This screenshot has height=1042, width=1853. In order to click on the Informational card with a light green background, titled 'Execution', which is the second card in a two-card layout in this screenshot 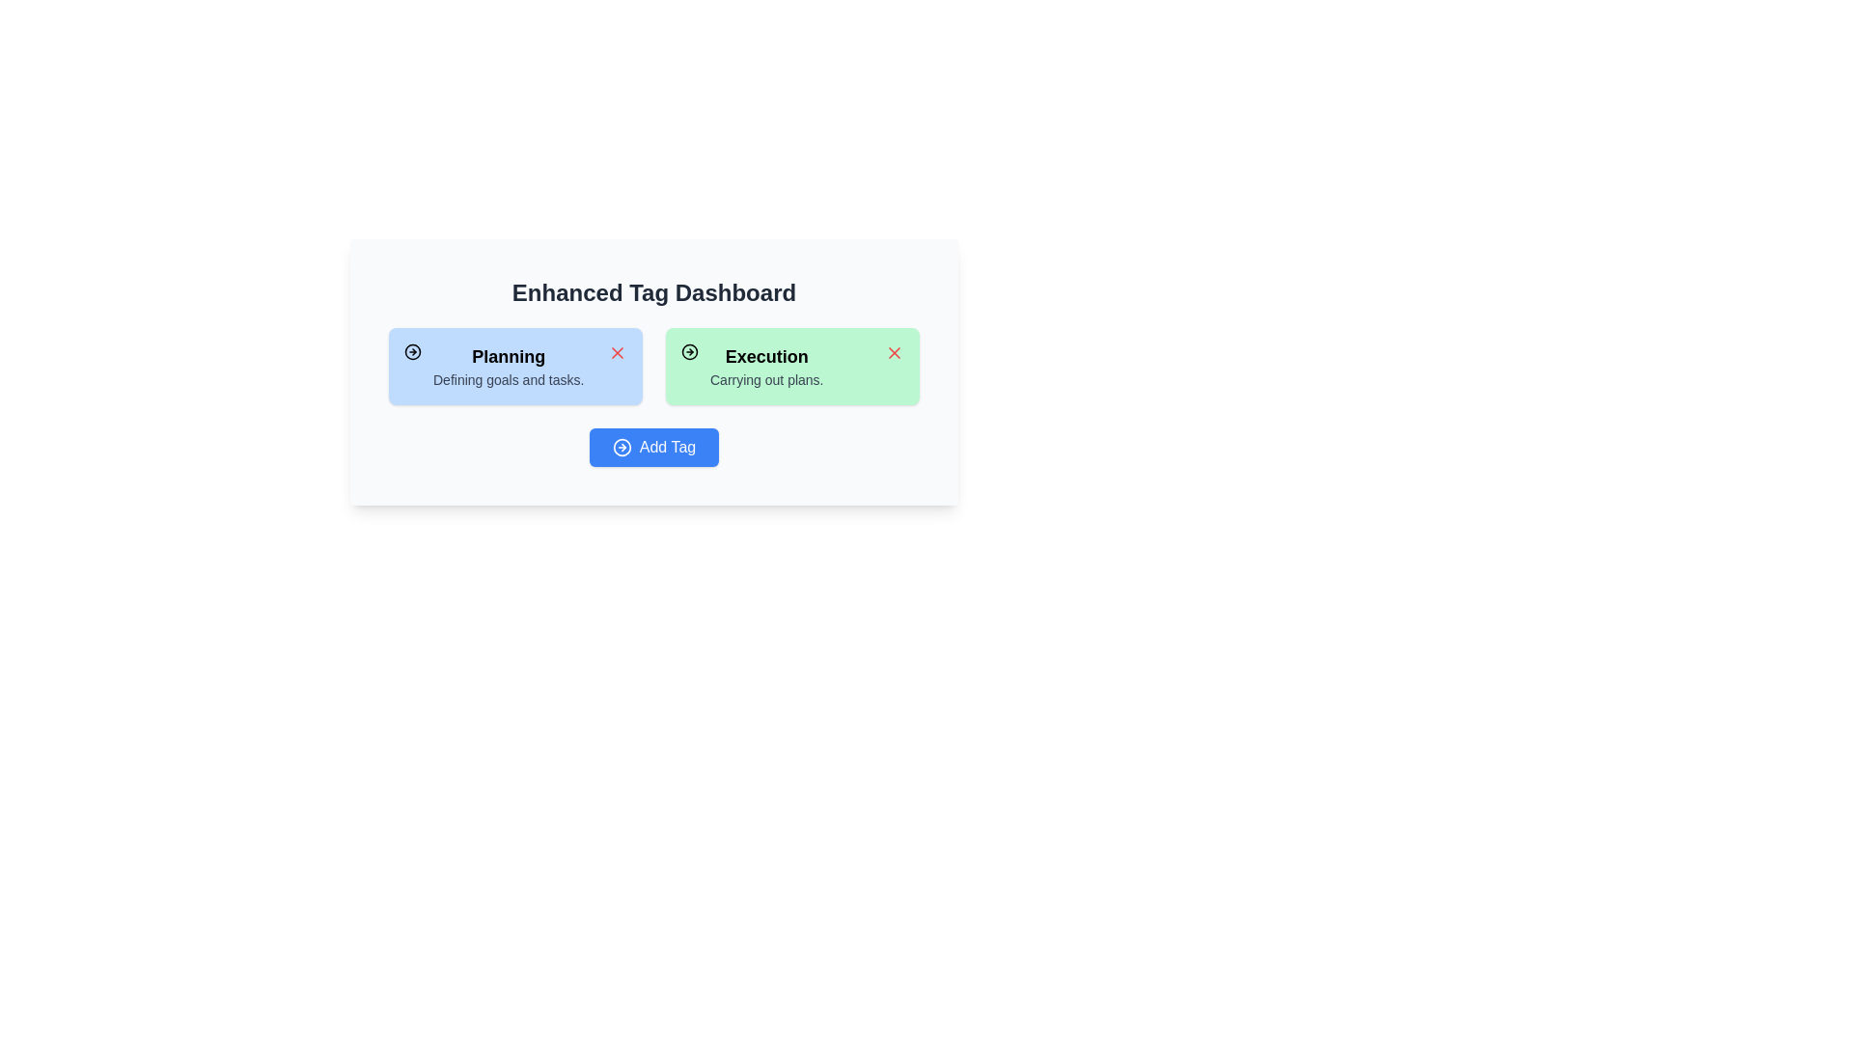, I will do `click(792, 367)`.